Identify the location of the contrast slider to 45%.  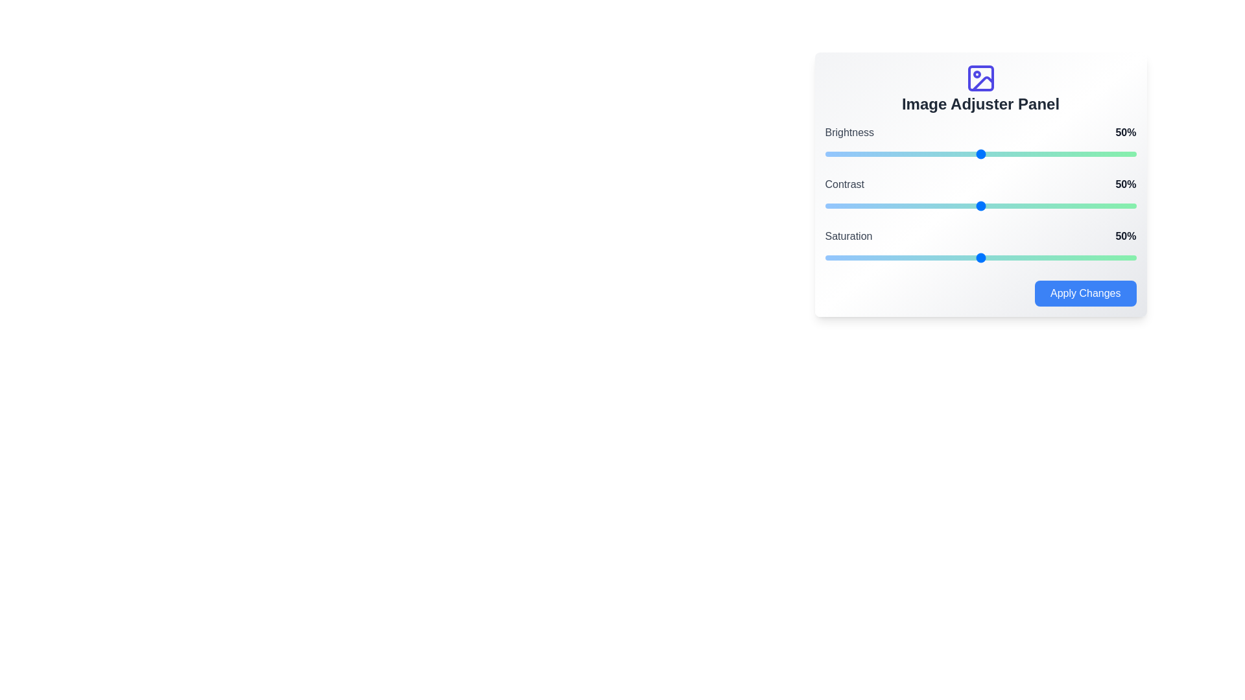
(965, 205).